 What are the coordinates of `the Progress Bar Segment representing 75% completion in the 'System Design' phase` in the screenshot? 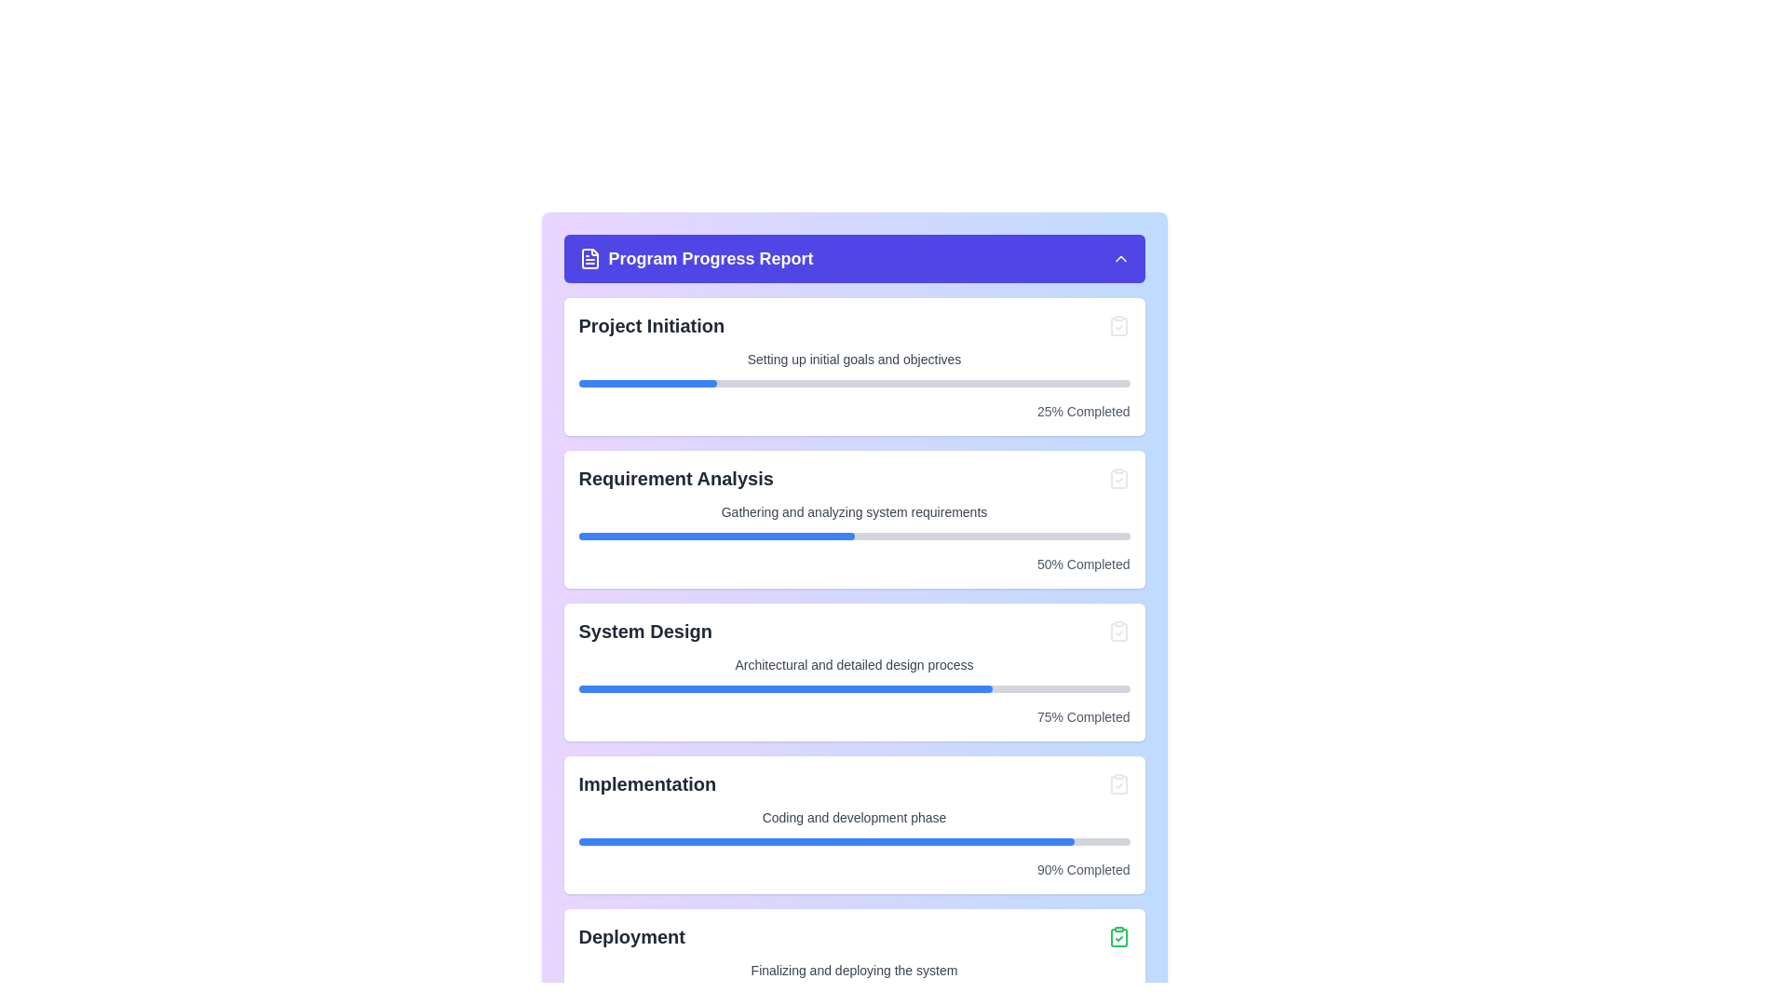 It's located at (785, 689).